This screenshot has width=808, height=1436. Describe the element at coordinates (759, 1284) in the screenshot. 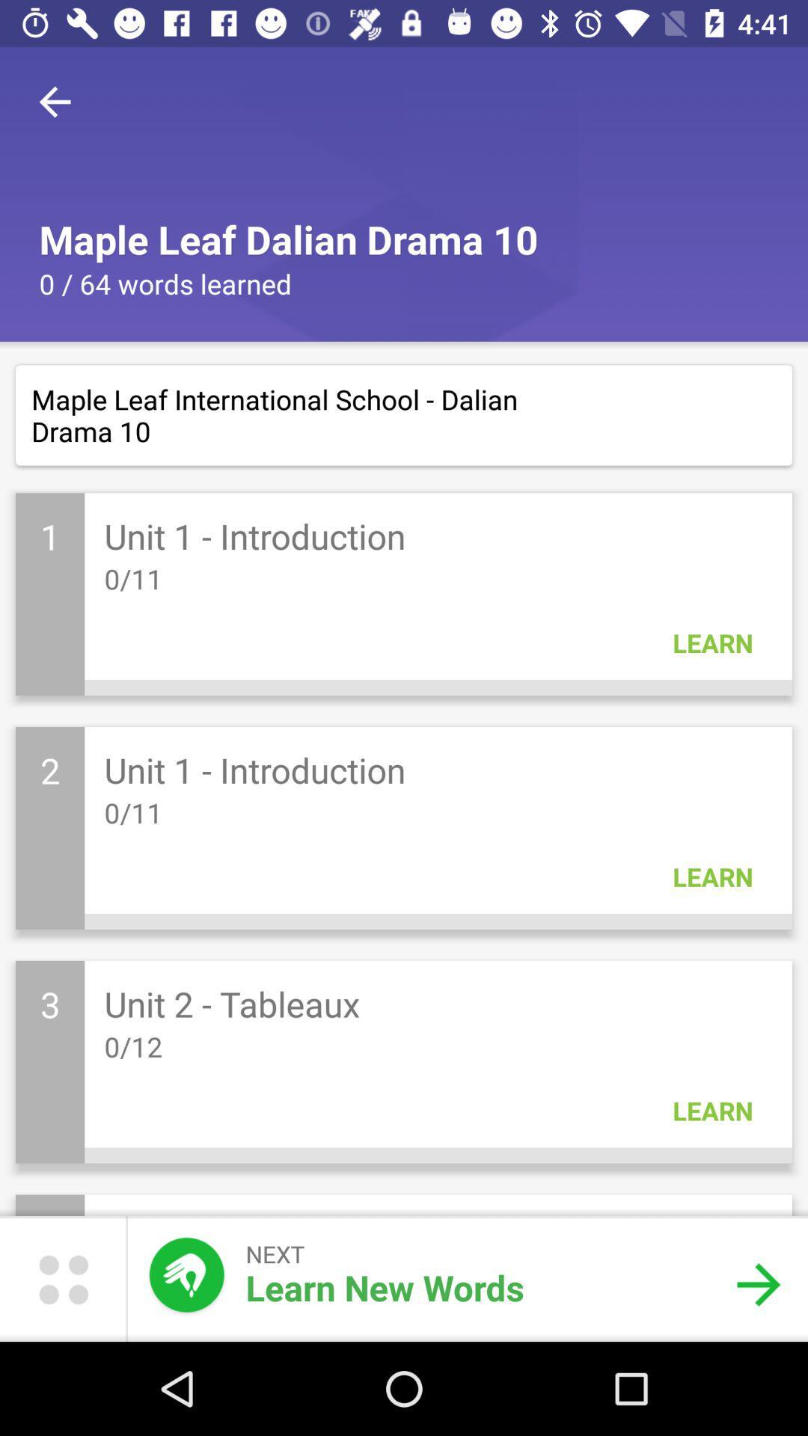

I see `the next button` at that location.